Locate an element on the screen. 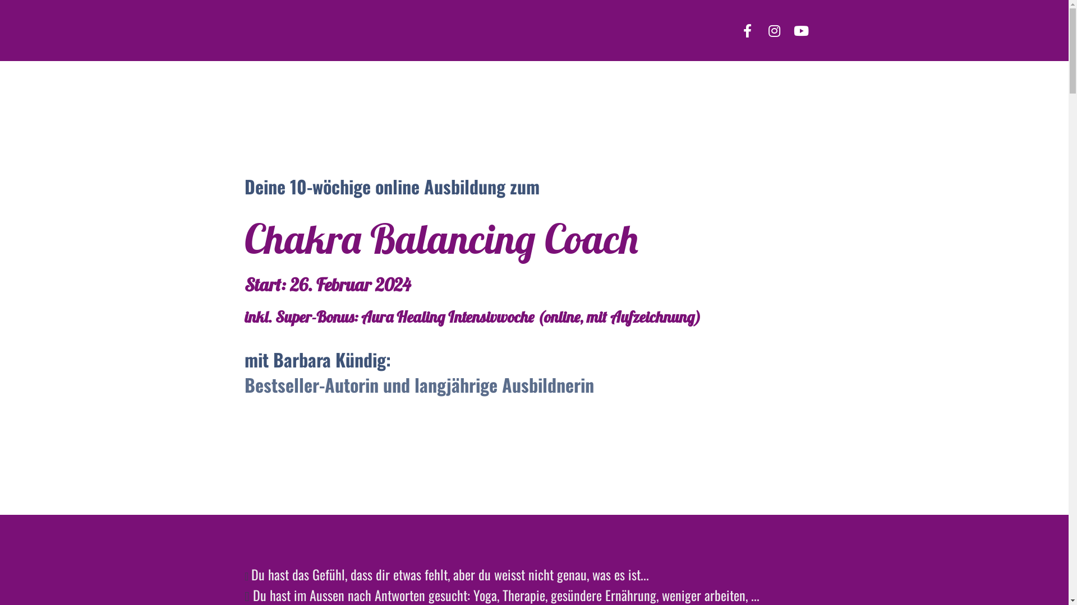 This screenshot has width=1077, height=605. 'Share on Youtube' is located at coordinates (786, 30).